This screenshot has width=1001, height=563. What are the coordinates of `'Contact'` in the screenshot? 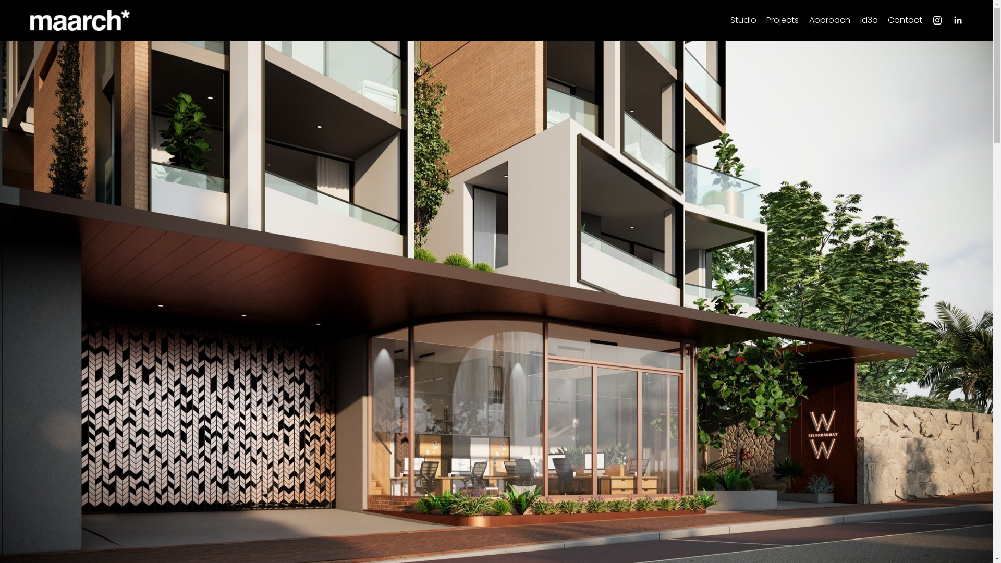 It's located at (905, 20).